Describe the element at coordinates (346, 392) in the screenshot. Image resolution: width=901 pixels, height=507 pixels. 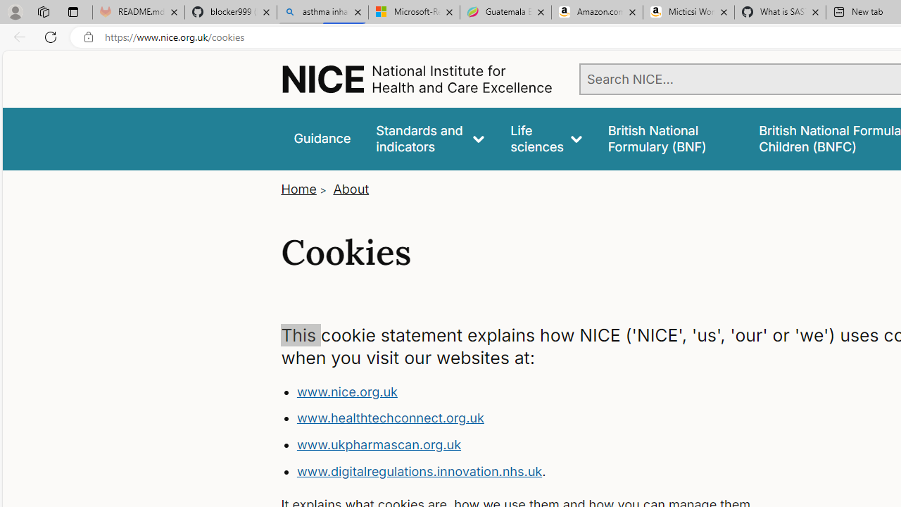
I see `'www.nice.org.uk'` at that location.